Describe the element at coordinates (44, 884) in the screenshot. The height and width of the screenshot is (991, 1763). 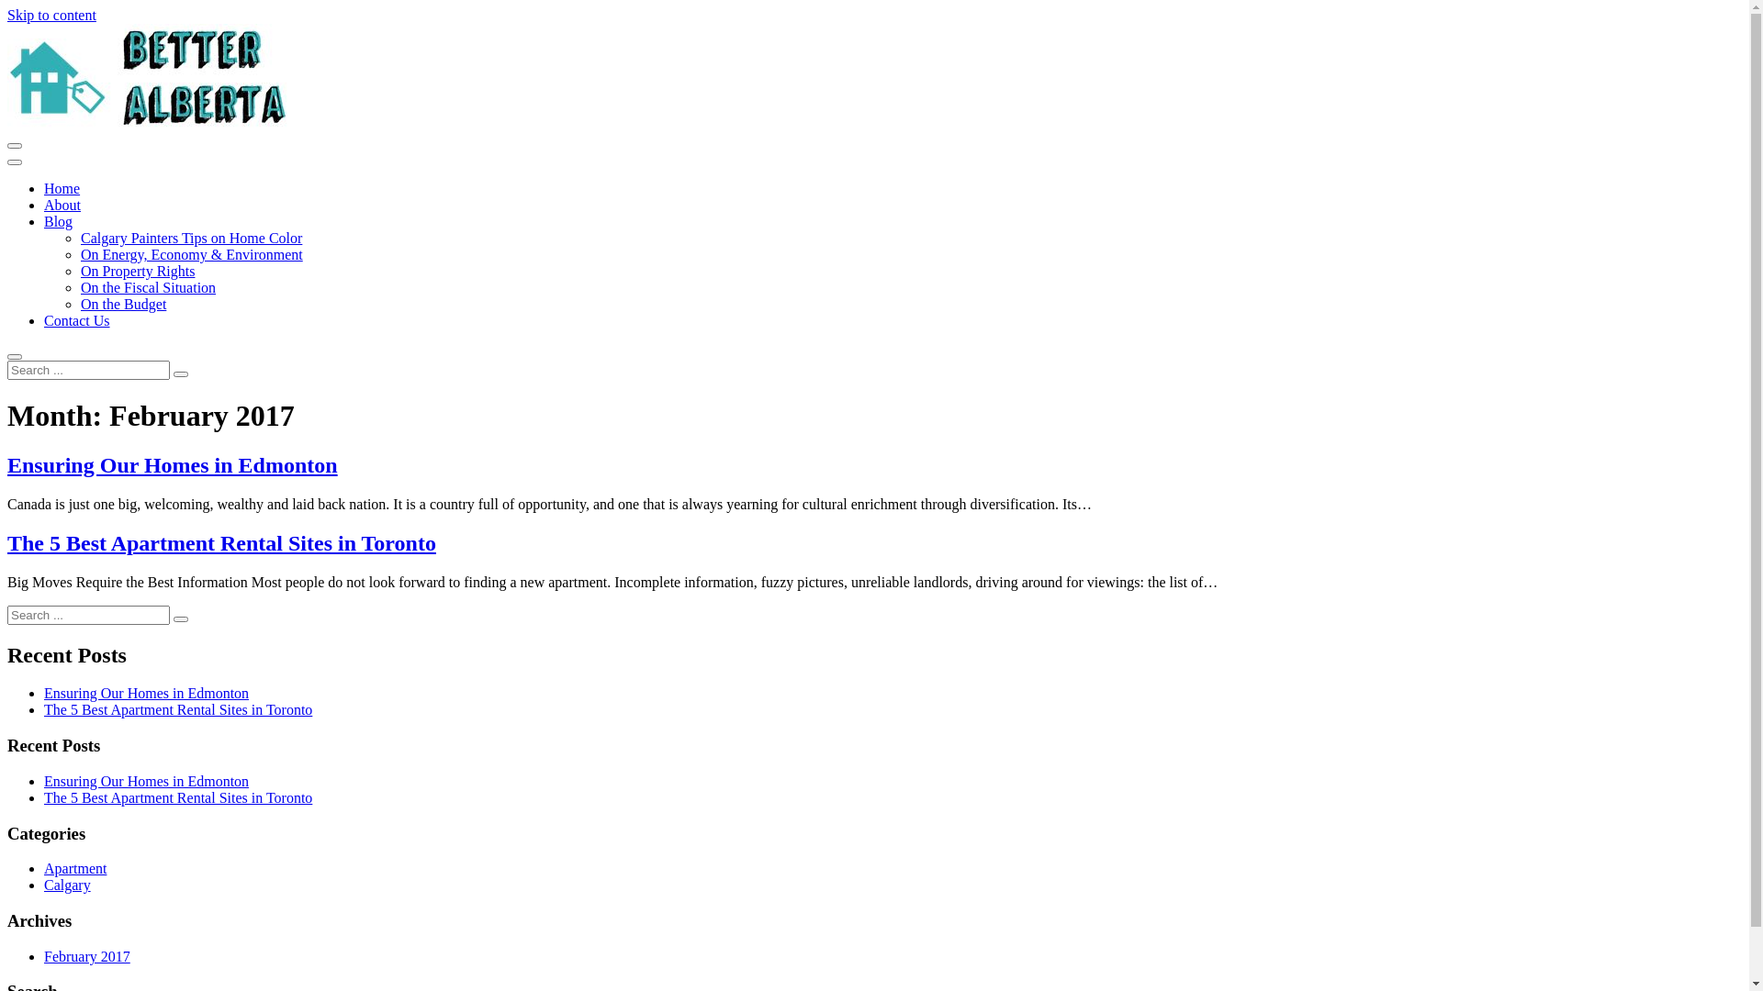
I see `'Calgary'` at that location.